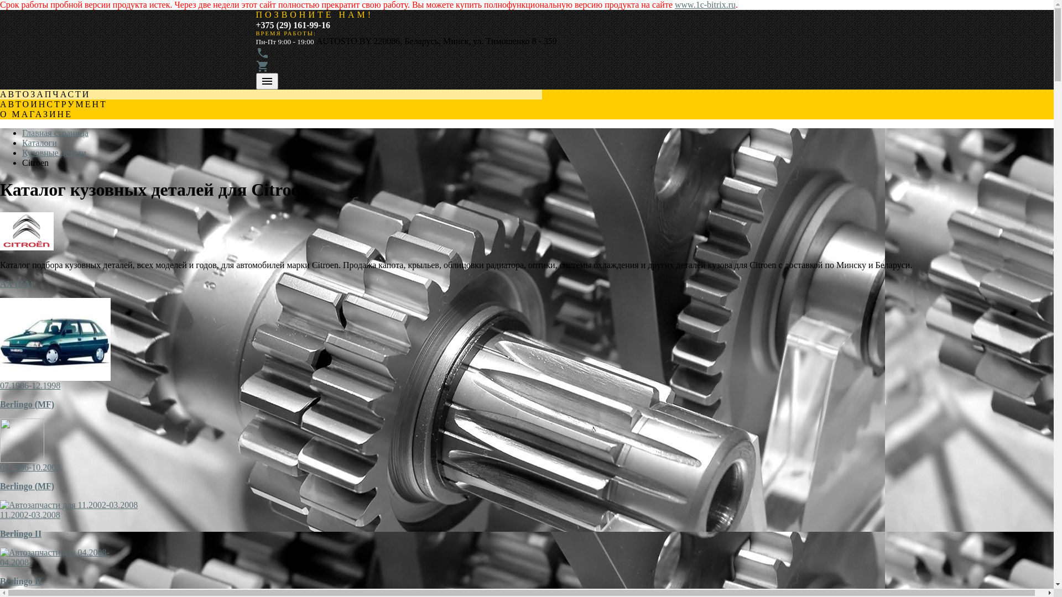 This screenshot has width=1062, height=597. What do you see at coordinates (0, 562) in the screenshot?
I see `'04.2008-'` at bounding box center [0, 562].